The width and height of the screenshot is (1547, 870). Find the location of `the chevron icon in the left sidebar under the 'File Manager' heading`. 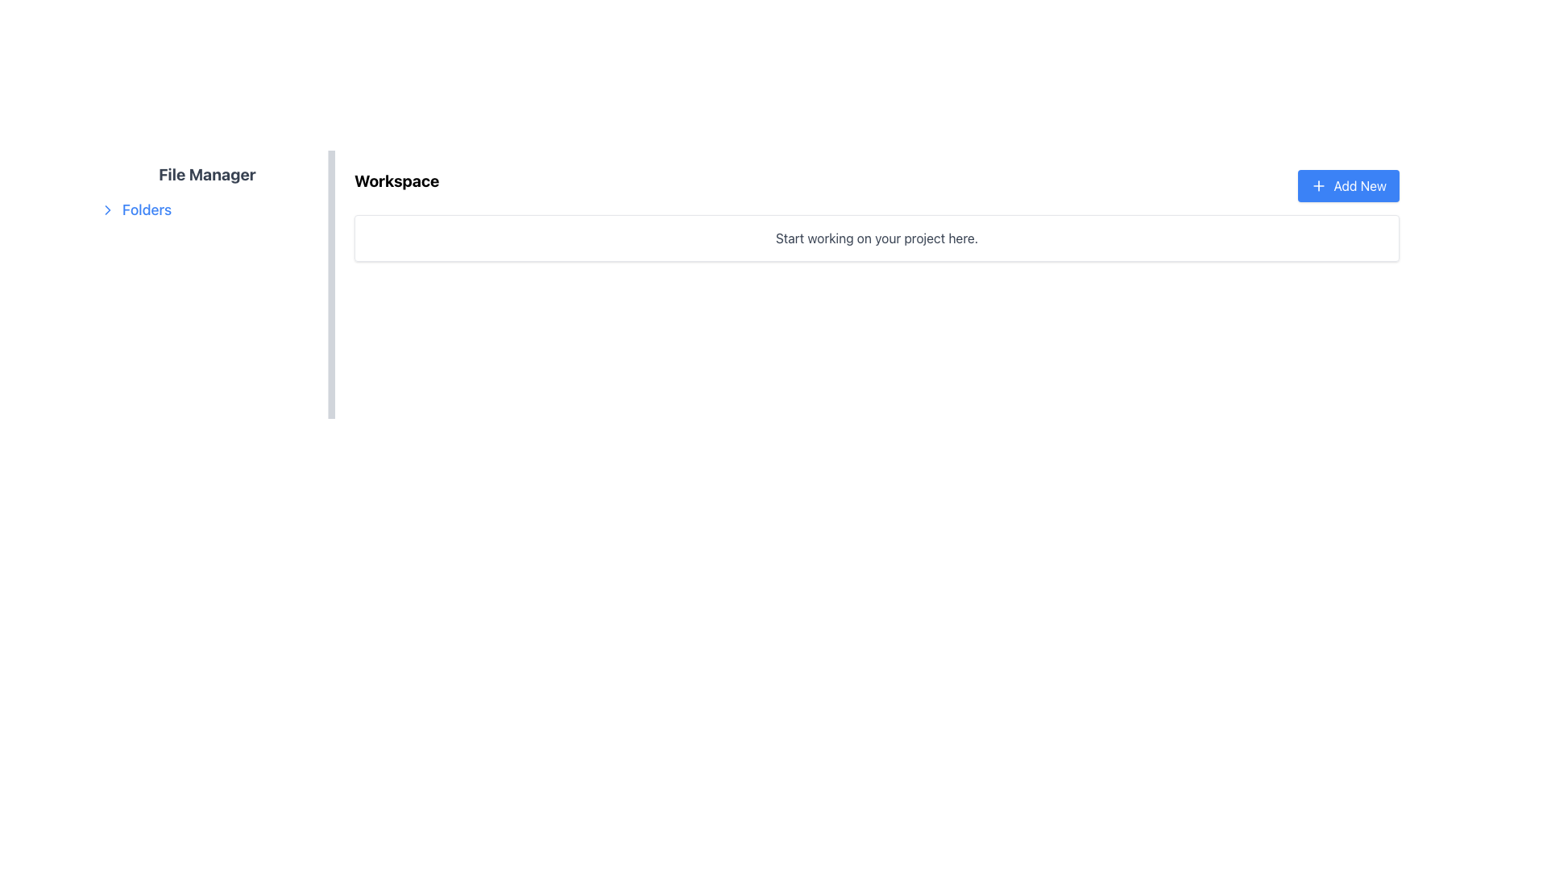

the chevron icon in the left sidebar under the 'File Manager' heading is located at coordinates (107, 209).